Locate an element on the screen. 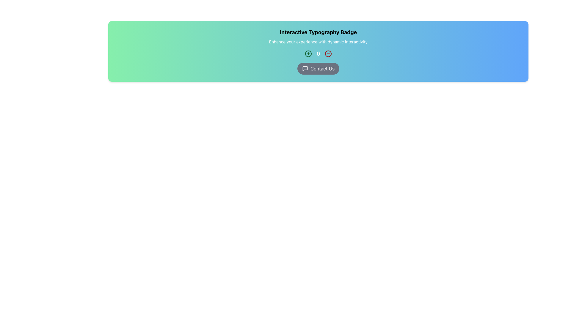  the circular boundary of the 'plus' sign icon, which is the first icon in a row of three icons, centered within a gradient-colored header is located at coordinates (308, 54).